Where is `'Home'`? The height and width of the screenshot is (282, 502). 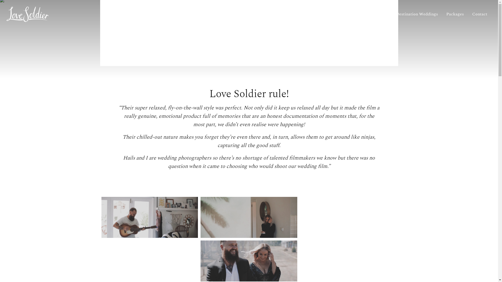 'Home' is located at coordinates (343, 14).